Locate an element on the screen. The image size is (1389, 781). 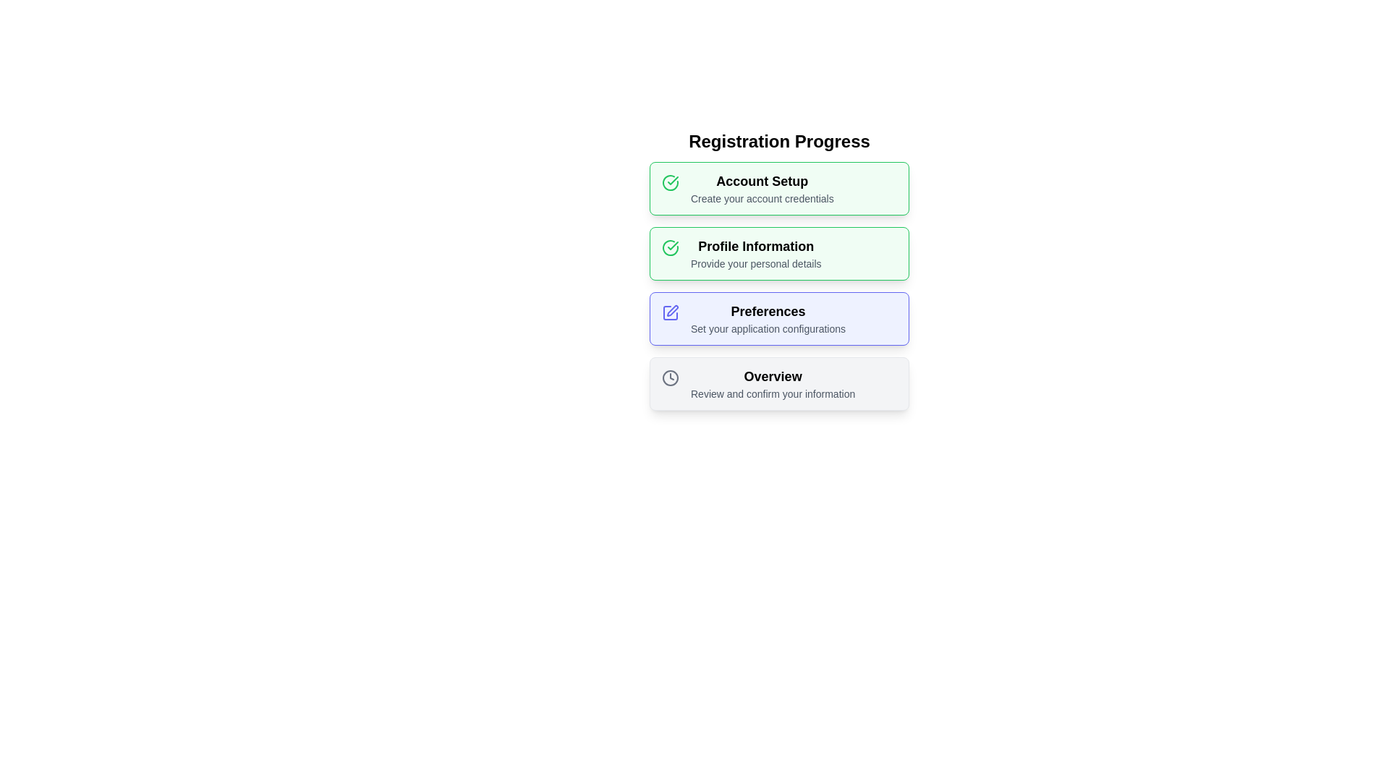
the pen icon button in a blue square outline located next to the 'Preferences' text is located at coordinates (669, 312).